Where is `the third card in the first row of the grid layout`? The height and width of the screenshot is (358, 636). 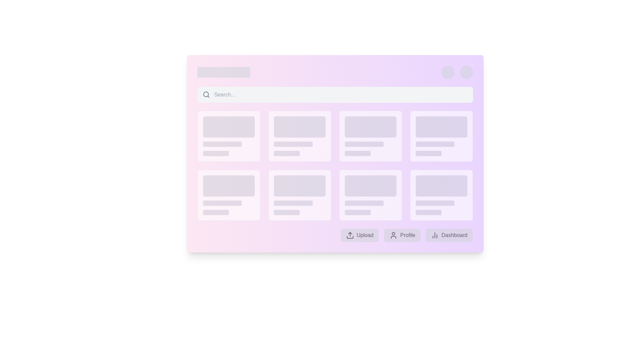
the third card in the first row of the grid layout is located at coordinates (370, 136).